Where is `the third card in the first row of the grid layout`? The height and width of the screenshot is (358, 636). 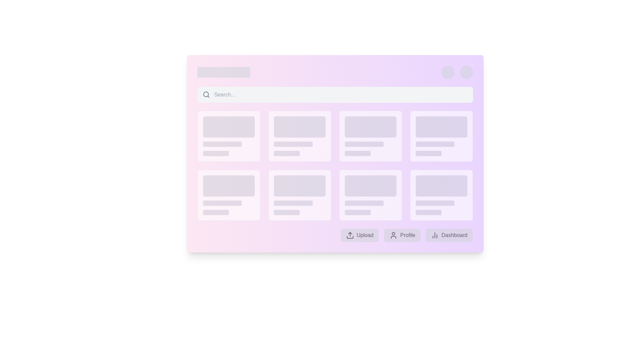
the third card in the first row of the grid layout is located at coordinates (370, 136).